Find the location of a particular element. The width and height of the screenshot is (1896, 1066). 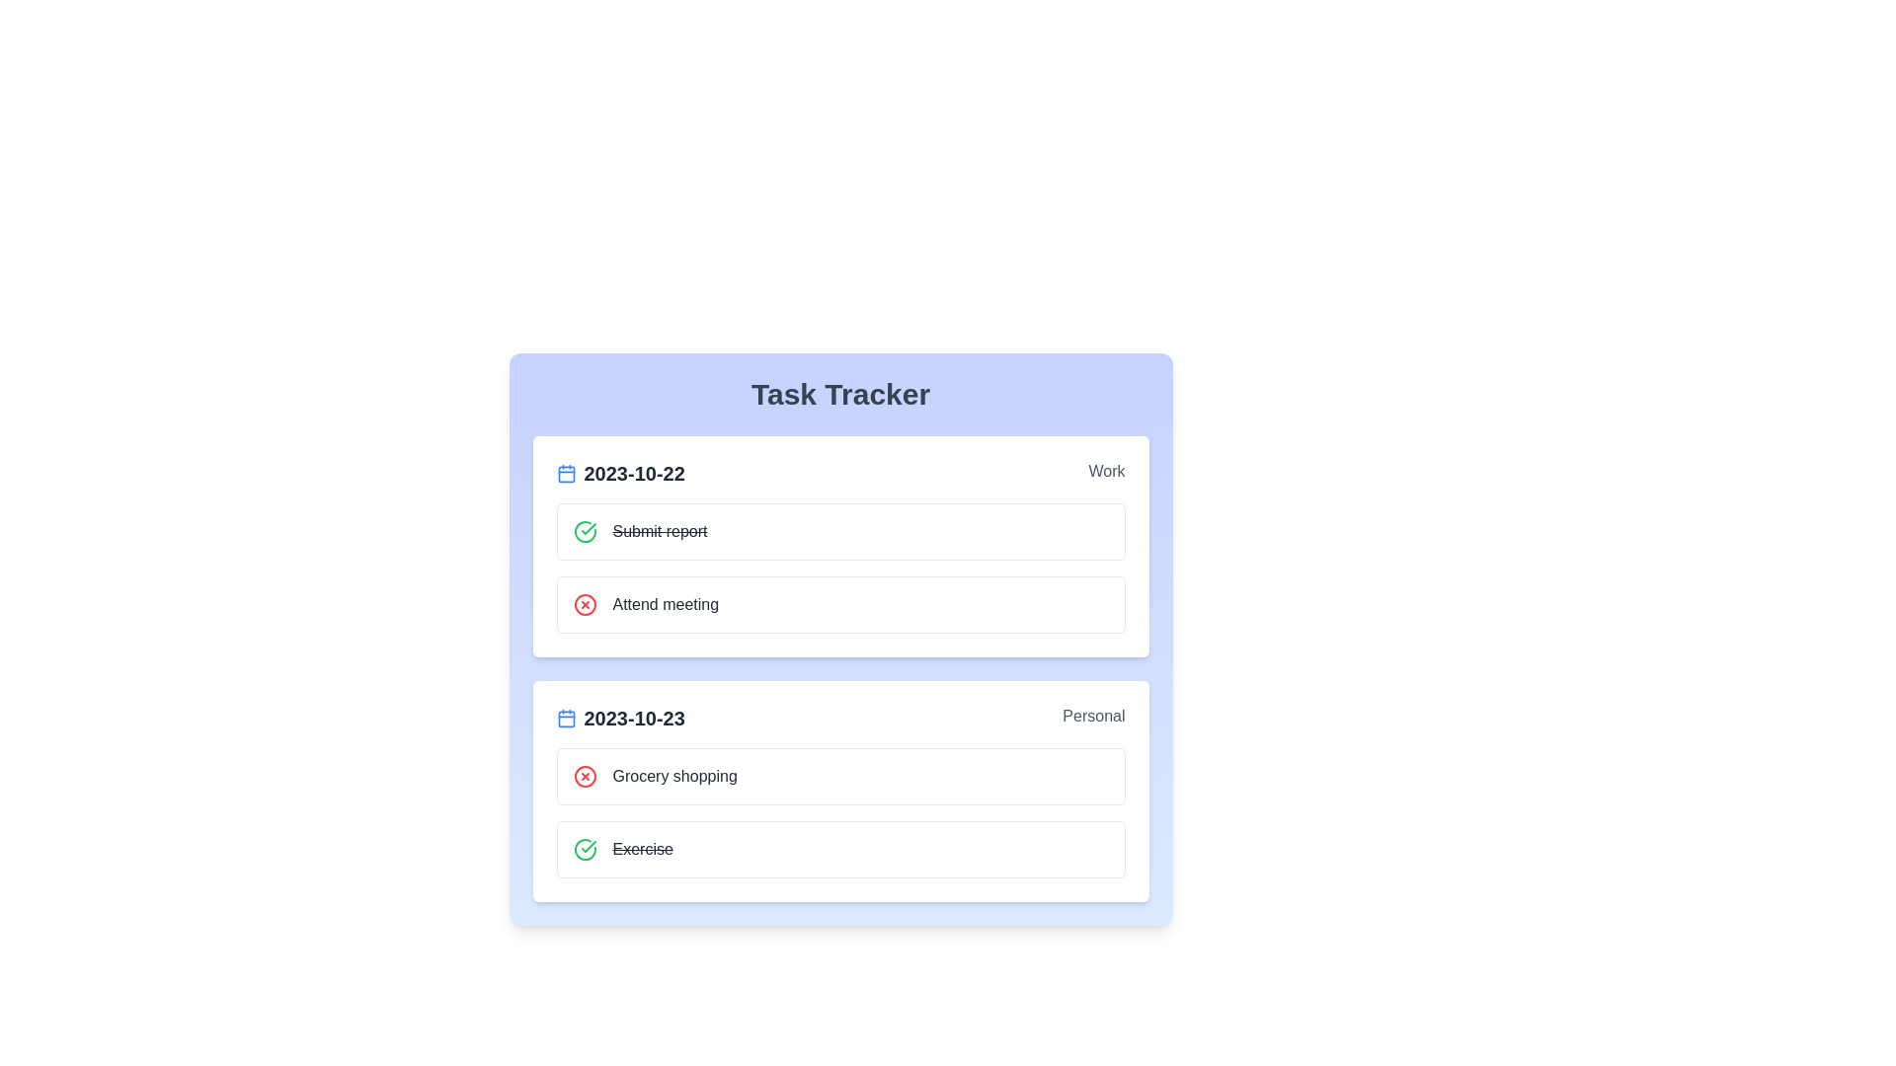

the task 'Attend meeting' to edit its description is located at coordinates (666, 604).